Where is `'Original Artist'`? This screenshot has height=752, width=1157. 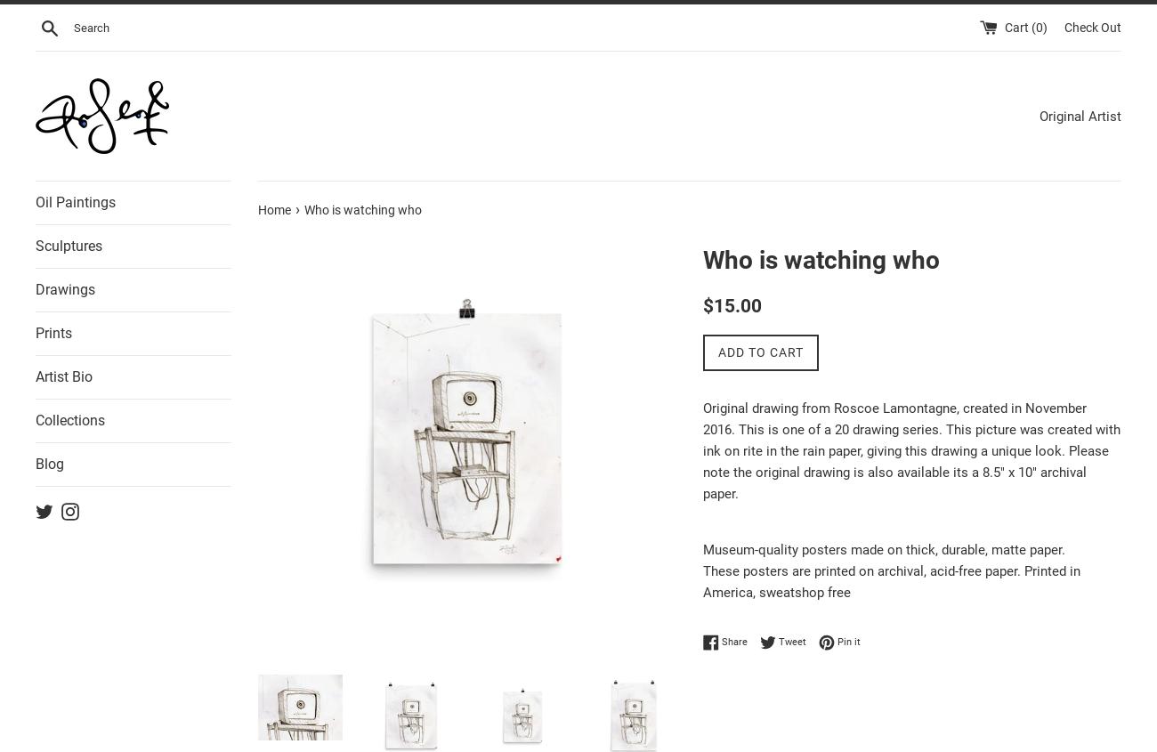 'Original Artist' is located at coordinates (1040, 115).